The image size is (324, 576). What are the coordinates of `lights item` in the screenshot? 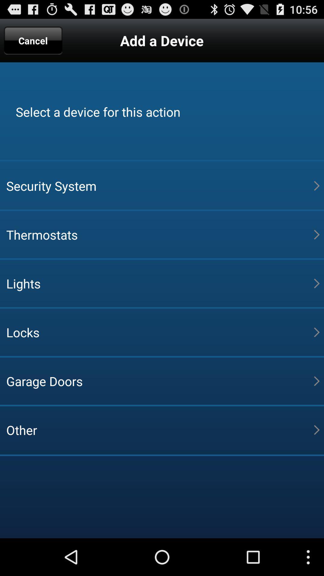 It's located at (160, 283).